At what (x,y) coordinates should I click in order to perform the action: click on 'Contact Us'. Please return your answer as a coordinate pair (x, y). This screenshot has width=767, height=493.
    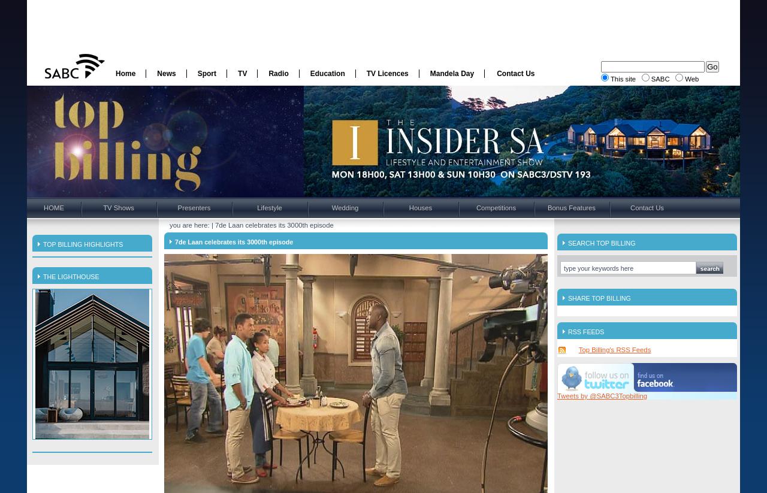
    Looking at the image, I should click on (515, 72).